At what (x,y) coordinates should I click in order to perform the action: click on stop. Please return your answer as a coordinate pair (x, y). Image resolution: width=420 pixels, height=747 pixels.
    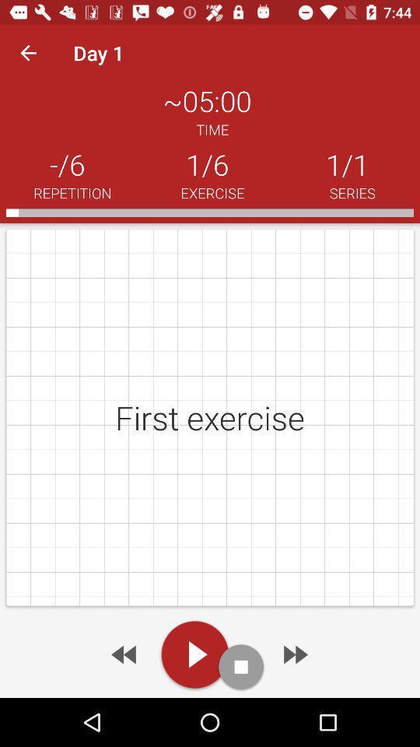
    Looking at the image, I should click on (241, 666).